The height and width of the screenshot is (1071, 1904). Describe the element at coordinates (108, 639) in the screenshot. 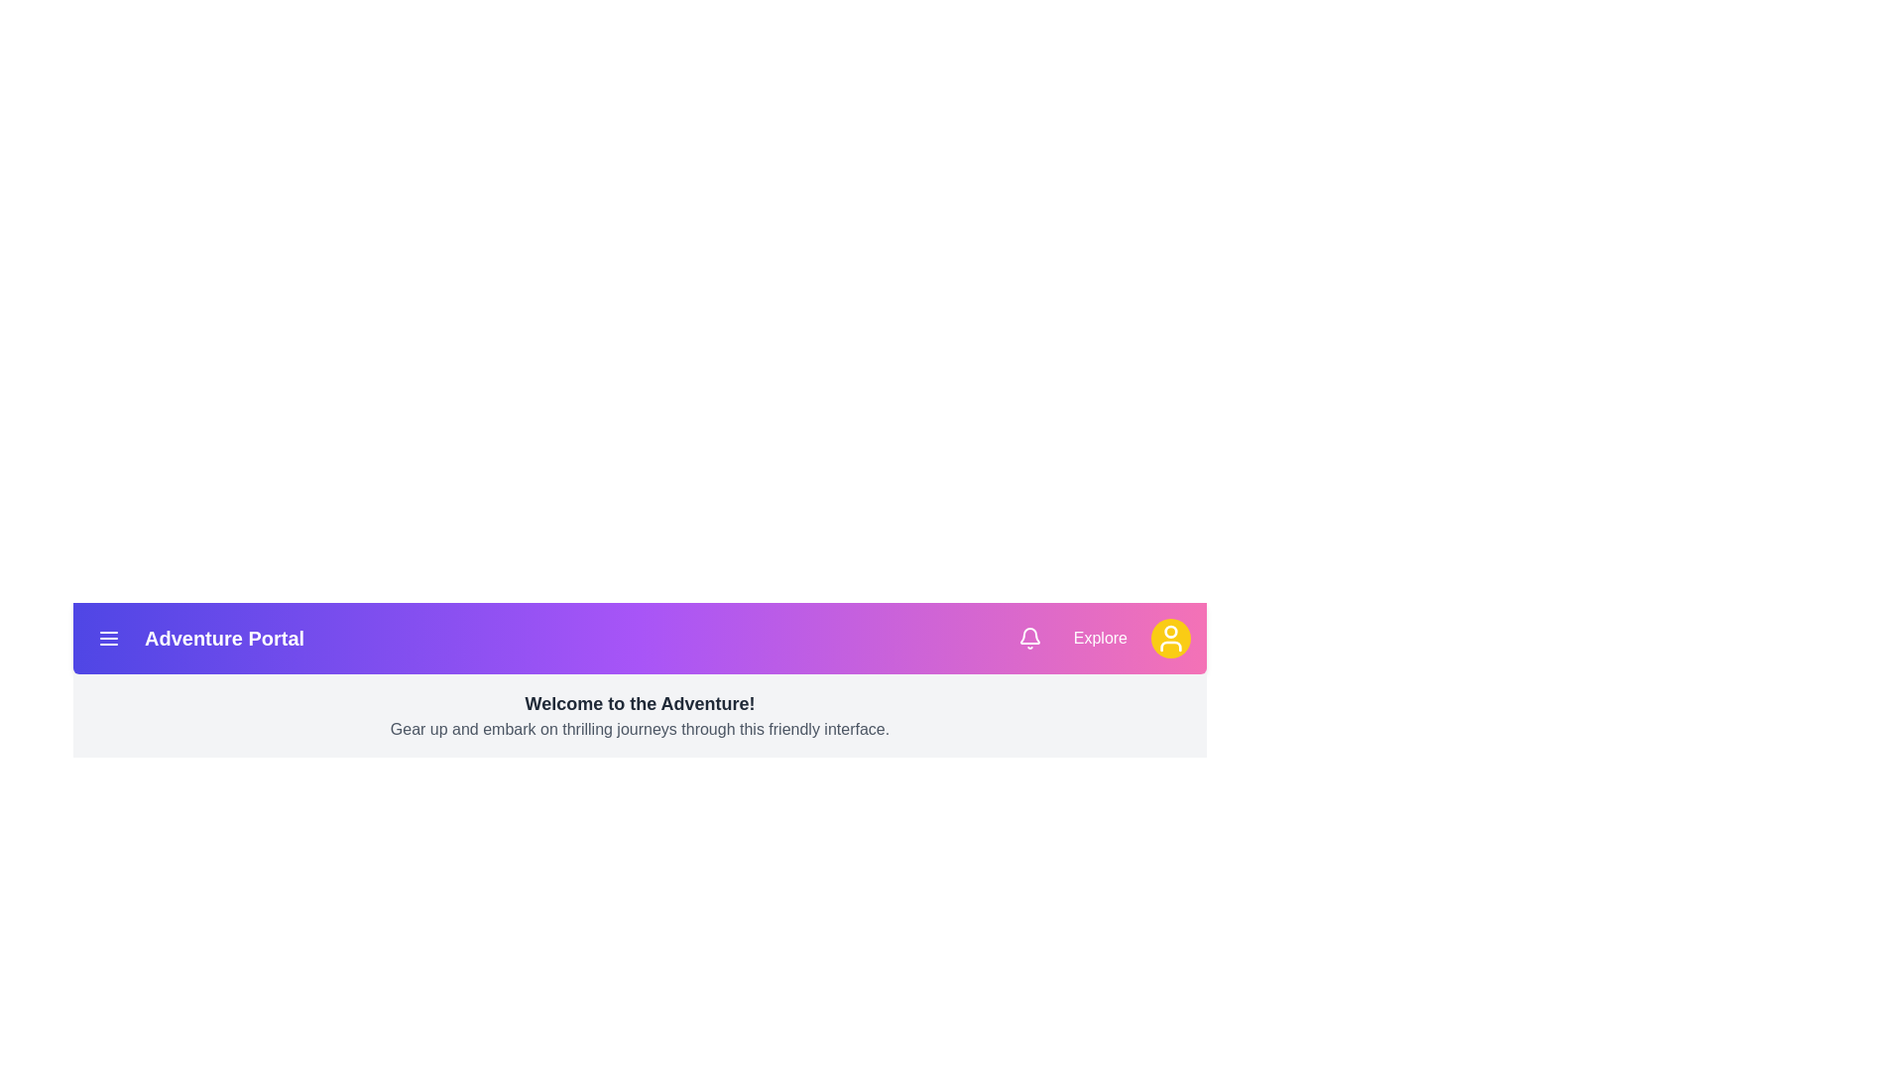

I see `the menu button to open the navigation options` at that location.